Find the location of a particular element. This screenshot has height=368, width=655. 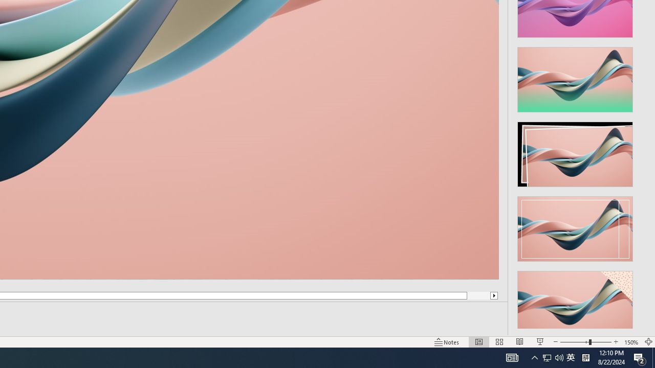

'Zoom 150%' is located at coordinates (631, 342).